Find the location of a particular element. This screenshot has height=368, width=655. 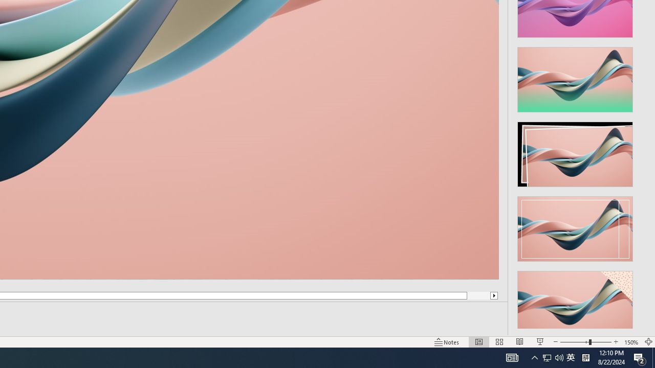

'Zoom 150%' is located at coordinates (631, 342).